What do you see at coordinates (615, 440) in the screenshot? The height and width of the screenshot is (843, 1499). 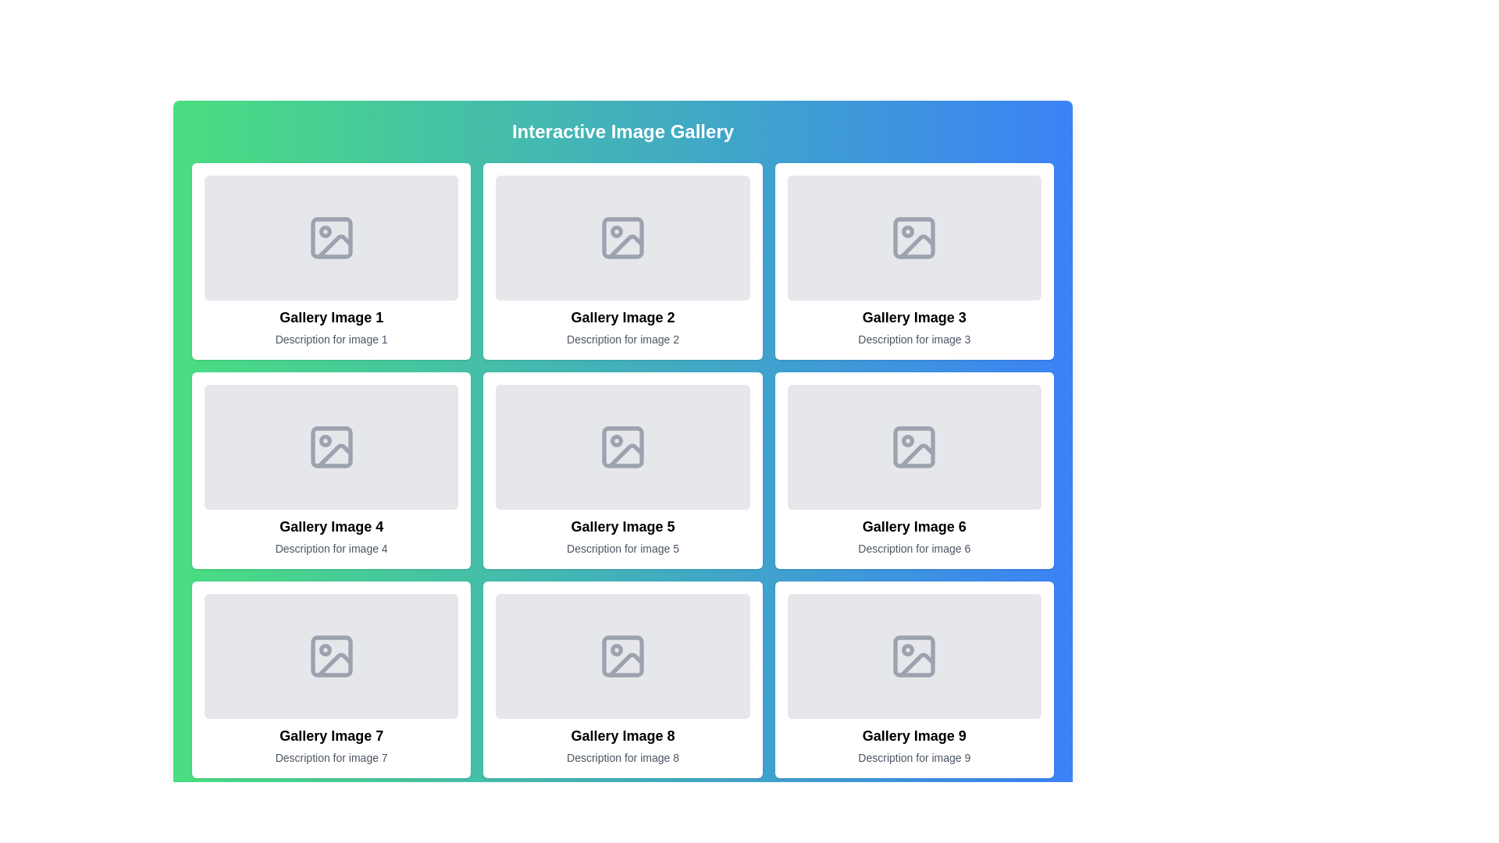 I see `the small red circular shape located centrally within the placeholder icon of 'Gallery Image 5'` at bounding box center [615, 440].